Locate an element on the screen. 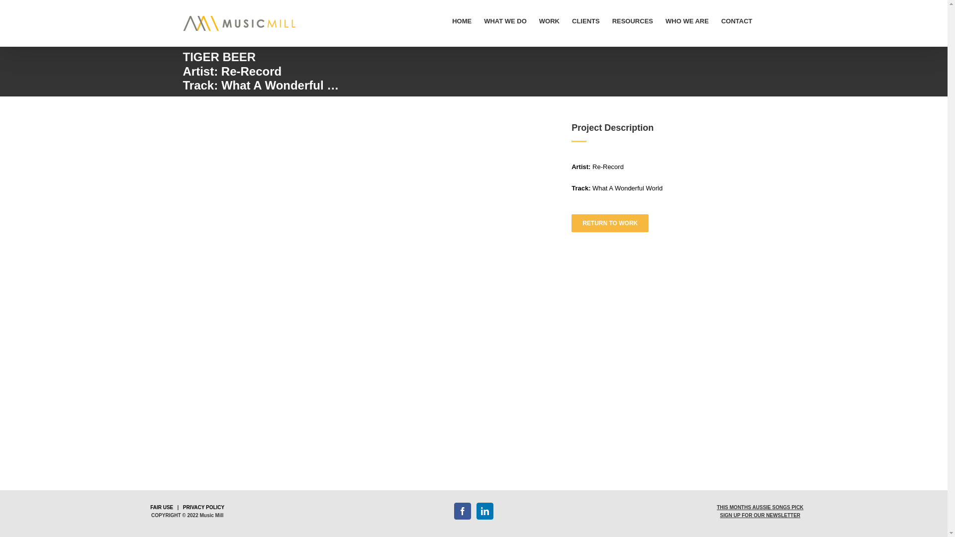  'HOME' is located at coordinates (461, 21).